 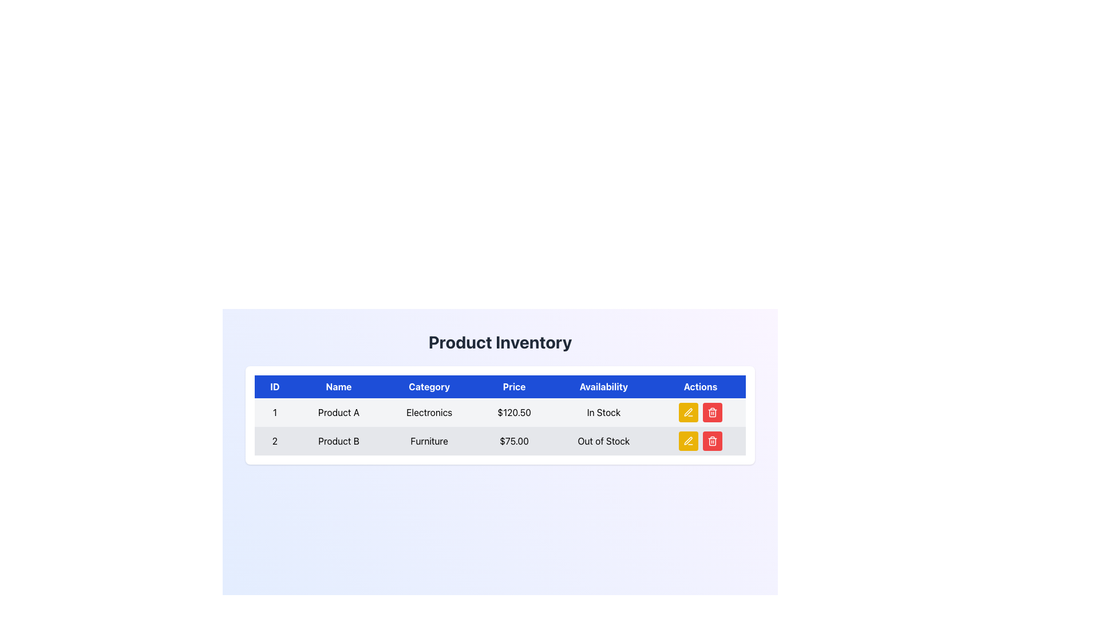 What do you see at coordinates (429, 386) in the screenshot?
I see `text from the text label displaying 'Category', which is styled with a blue background and white text, located in the header row of a table interface` at bounding box center [429, 386].